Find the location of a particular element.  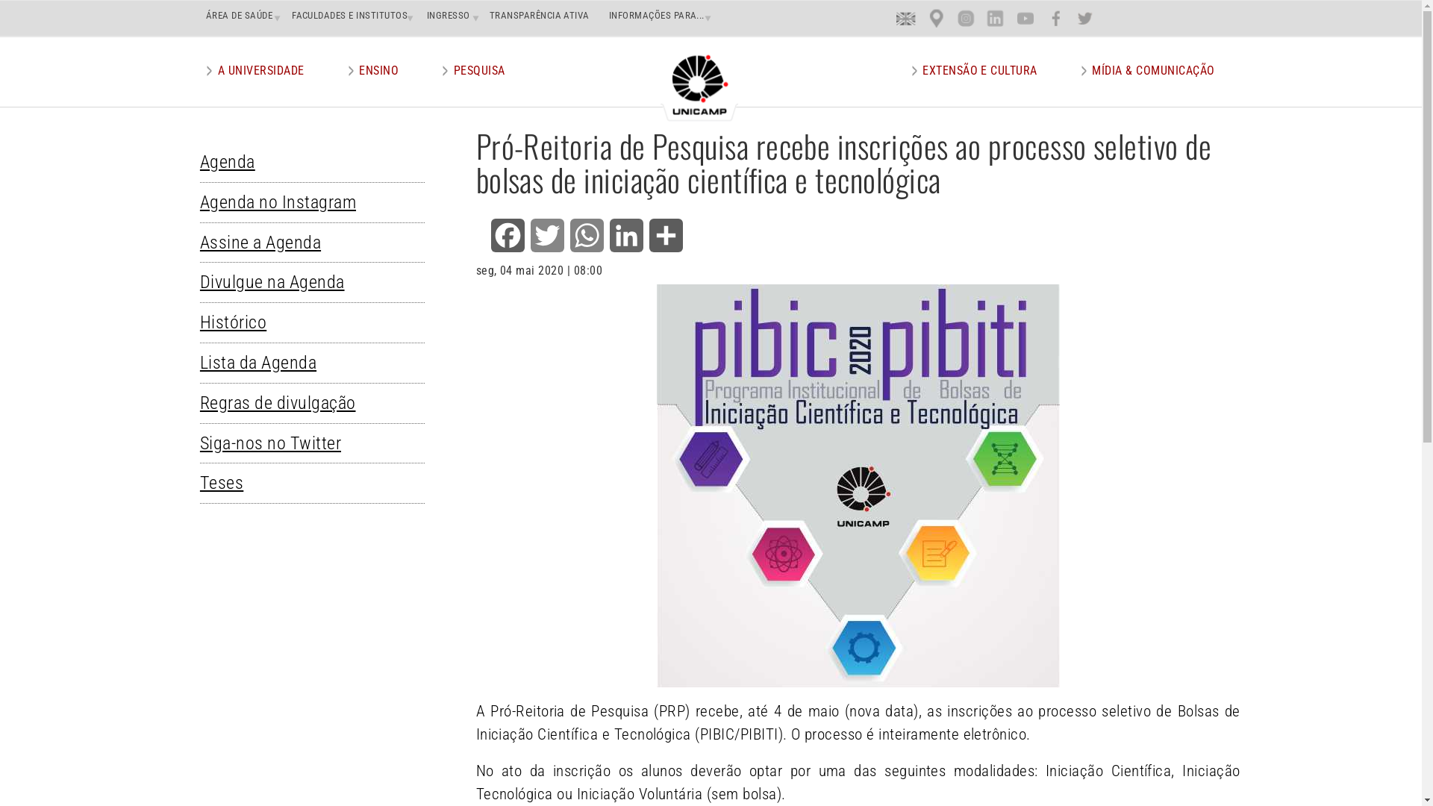

'Facebook' is located at coordinates (508, 235).